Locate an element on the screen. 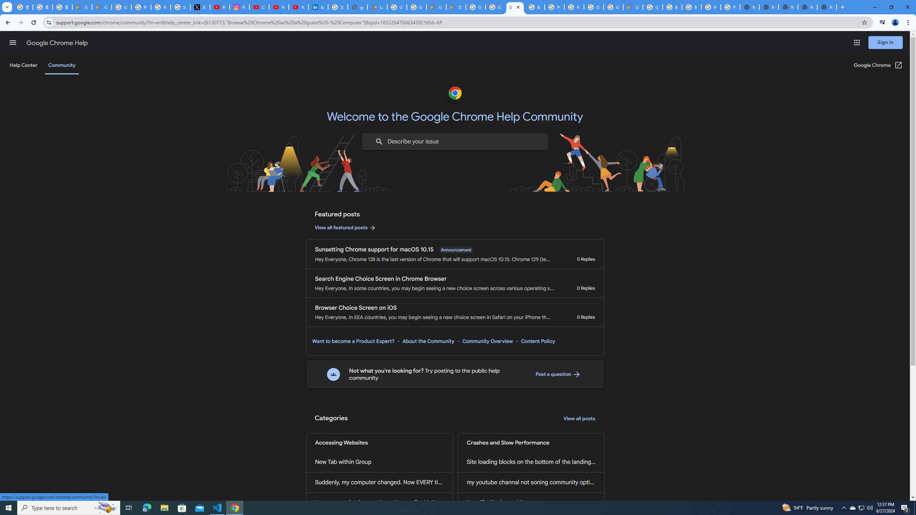 The width and height of the screenshot is (916, 515). 'New Tab' is located at coordinates (827, 7).